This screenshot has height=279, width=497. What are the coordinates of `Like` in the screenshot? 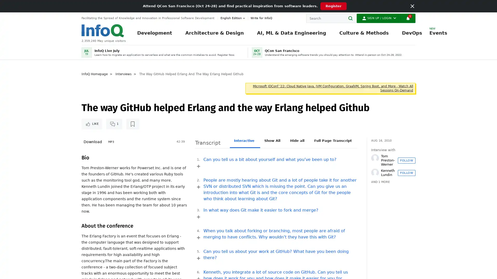 It's located at (92, 124).